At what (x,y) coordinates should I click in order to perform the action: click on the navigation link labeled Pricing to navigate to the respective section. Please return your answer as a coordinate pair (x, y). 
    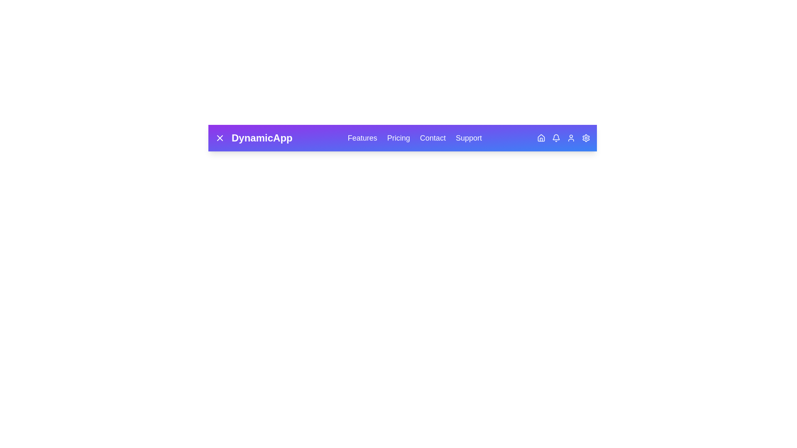
    Looking at the image, I should click on (398, 137).